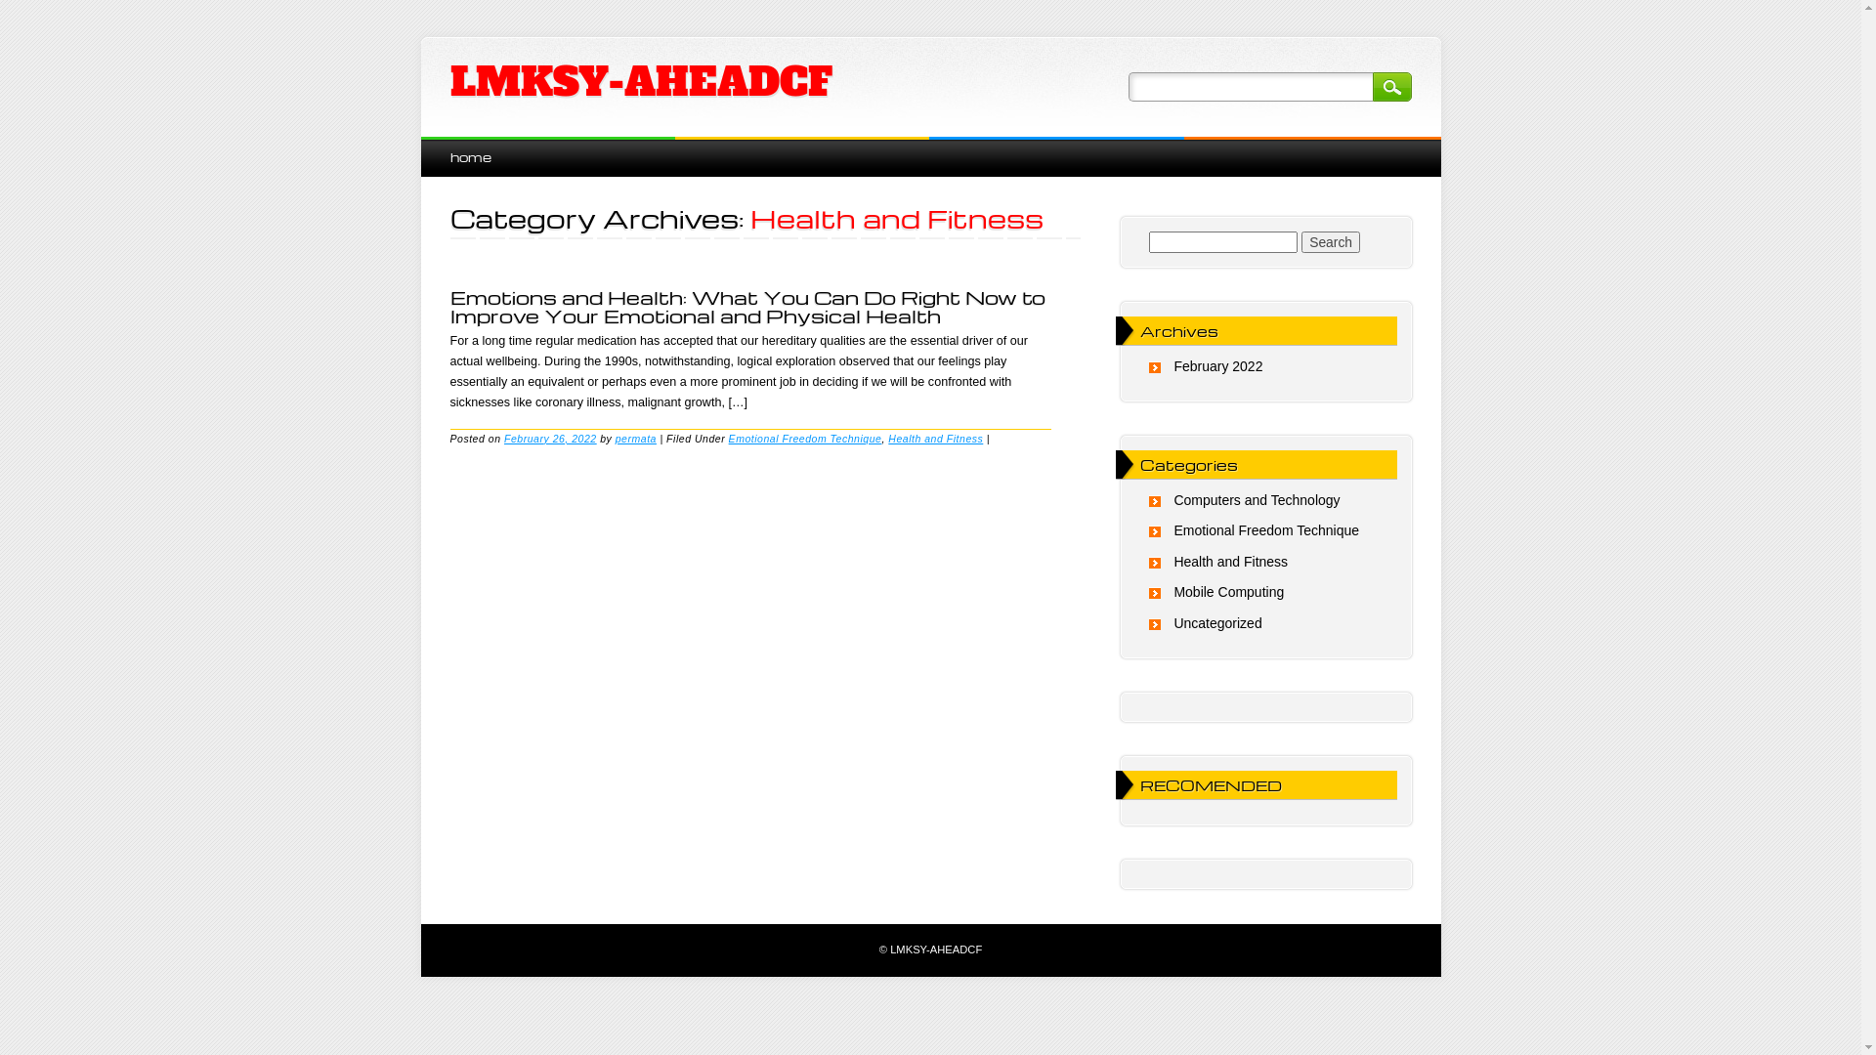  What do you see at coordinates (640, 81) in the screenshot?
I see `'LMKSY-AHEADCF'` at bounding box center [640, 81].